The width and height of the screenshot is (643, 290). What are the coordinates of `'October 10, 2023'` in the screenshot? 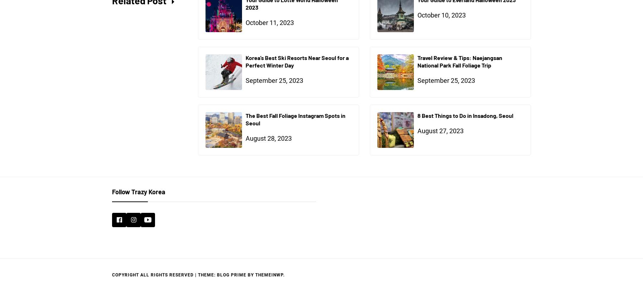 It's located at (417, 15).